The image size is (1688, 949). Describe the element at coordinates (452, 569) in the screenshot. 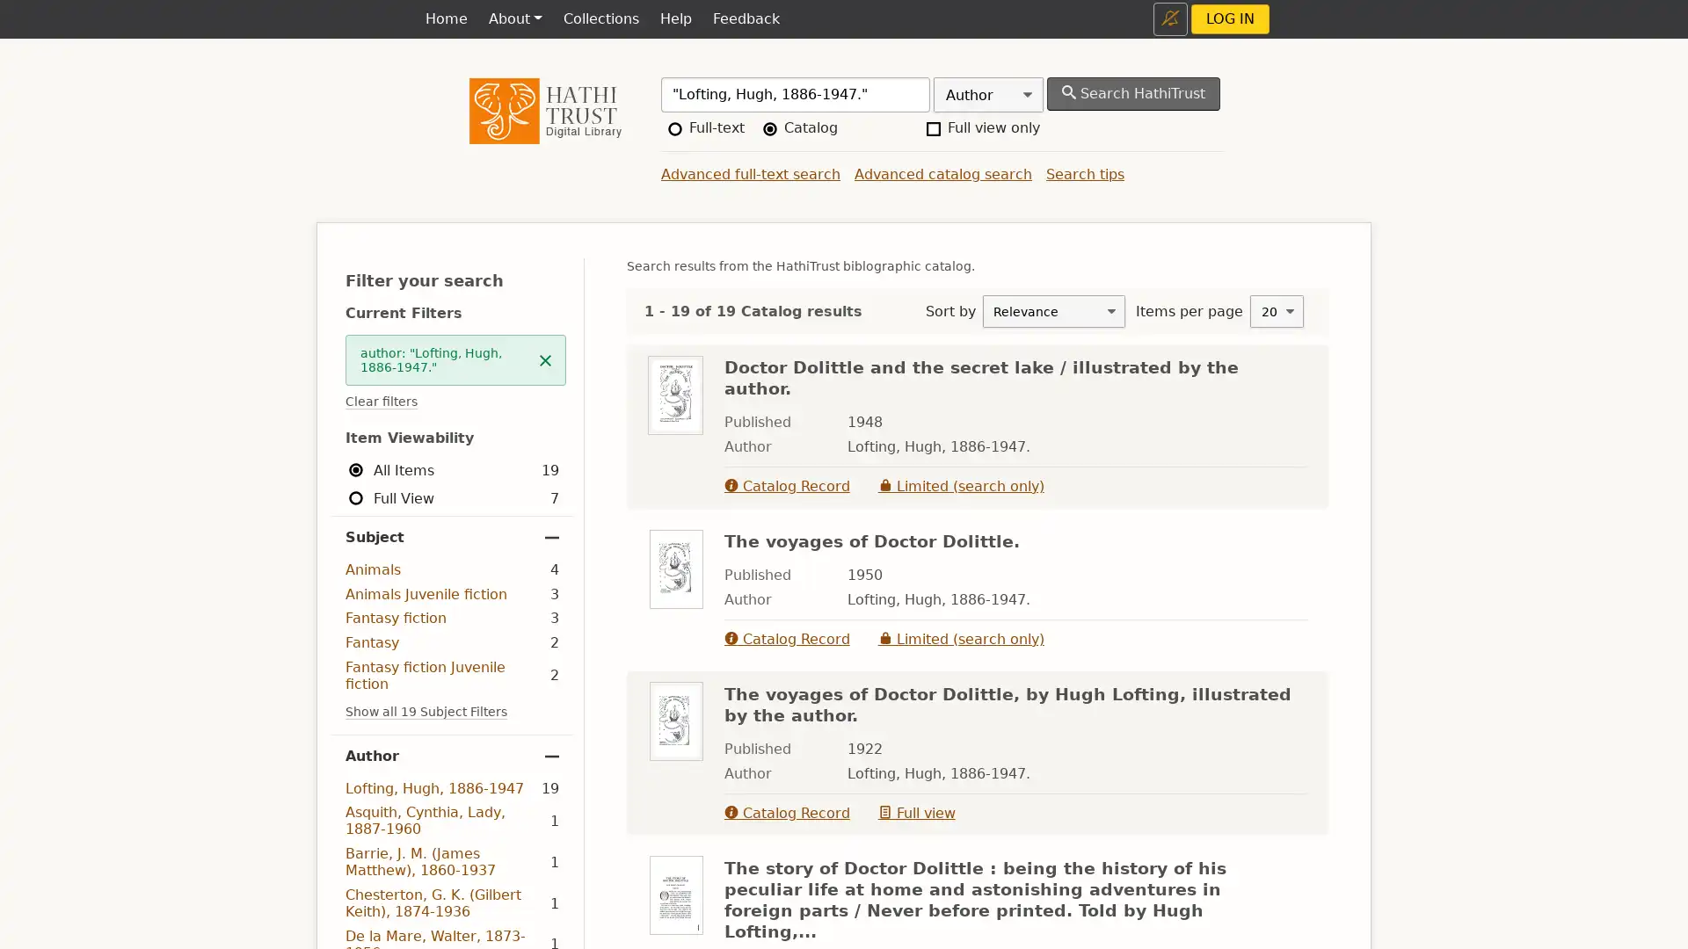

I see `Animals - 4` at that location.